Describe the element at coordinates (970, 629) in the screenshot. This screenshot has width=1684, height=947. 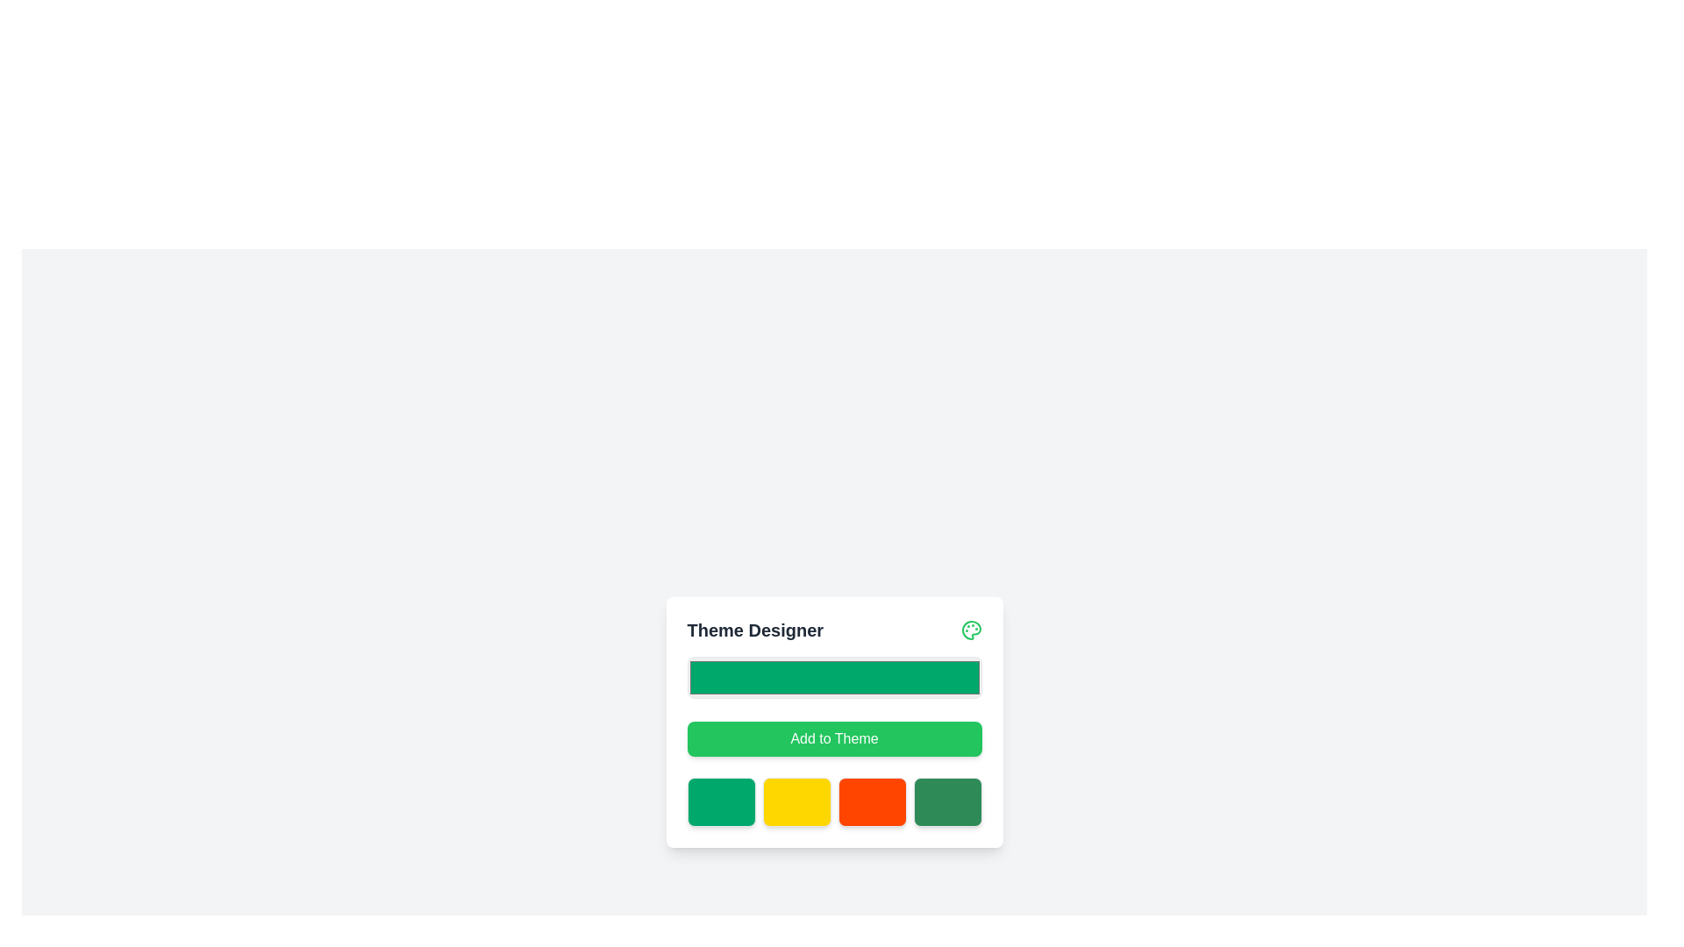
I see `the theme customization icon located at the far right of the 'Theme Designer' panel, adjacent to the text 'Theme Designer'` at that location.